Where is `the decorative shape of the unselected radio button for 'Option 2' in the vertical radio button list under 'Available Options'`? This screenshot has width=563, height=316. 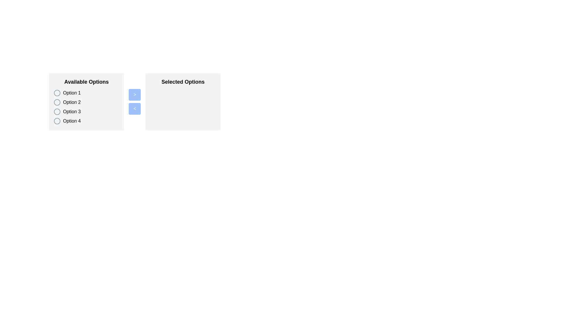
the decorative shape of the unselected radio button for 'Option 2' in the vertical radio button list under 'Available Options' is located at coordinates (57, 102).